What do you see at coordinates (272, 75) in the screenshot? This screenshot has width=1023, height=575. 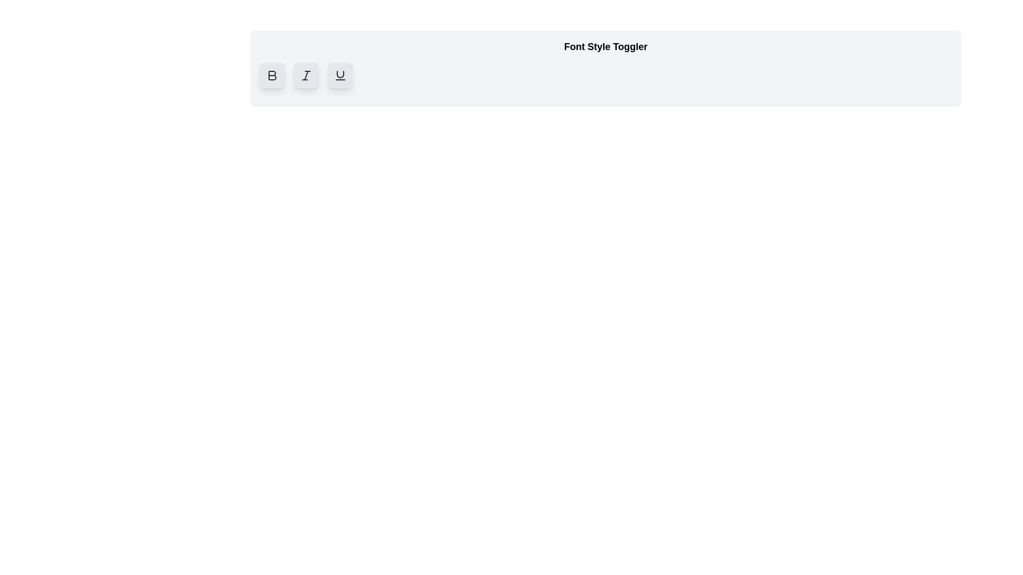 I see `the Bold icon button located at the leftmost side of the horizontal toolbar` at bounding box center [272, 75].